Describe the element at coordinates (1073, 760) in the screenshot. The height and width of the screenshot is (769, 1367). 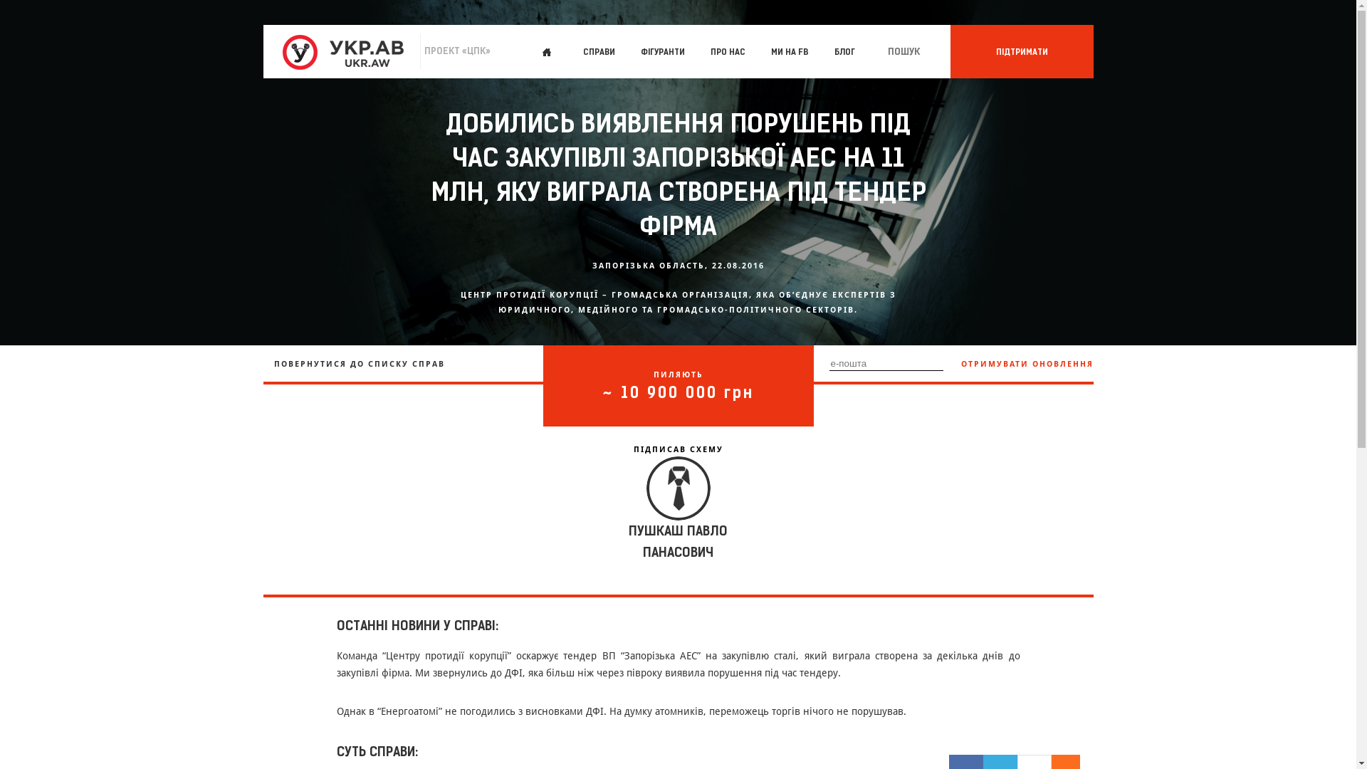
I see `'Hide'` at that location.